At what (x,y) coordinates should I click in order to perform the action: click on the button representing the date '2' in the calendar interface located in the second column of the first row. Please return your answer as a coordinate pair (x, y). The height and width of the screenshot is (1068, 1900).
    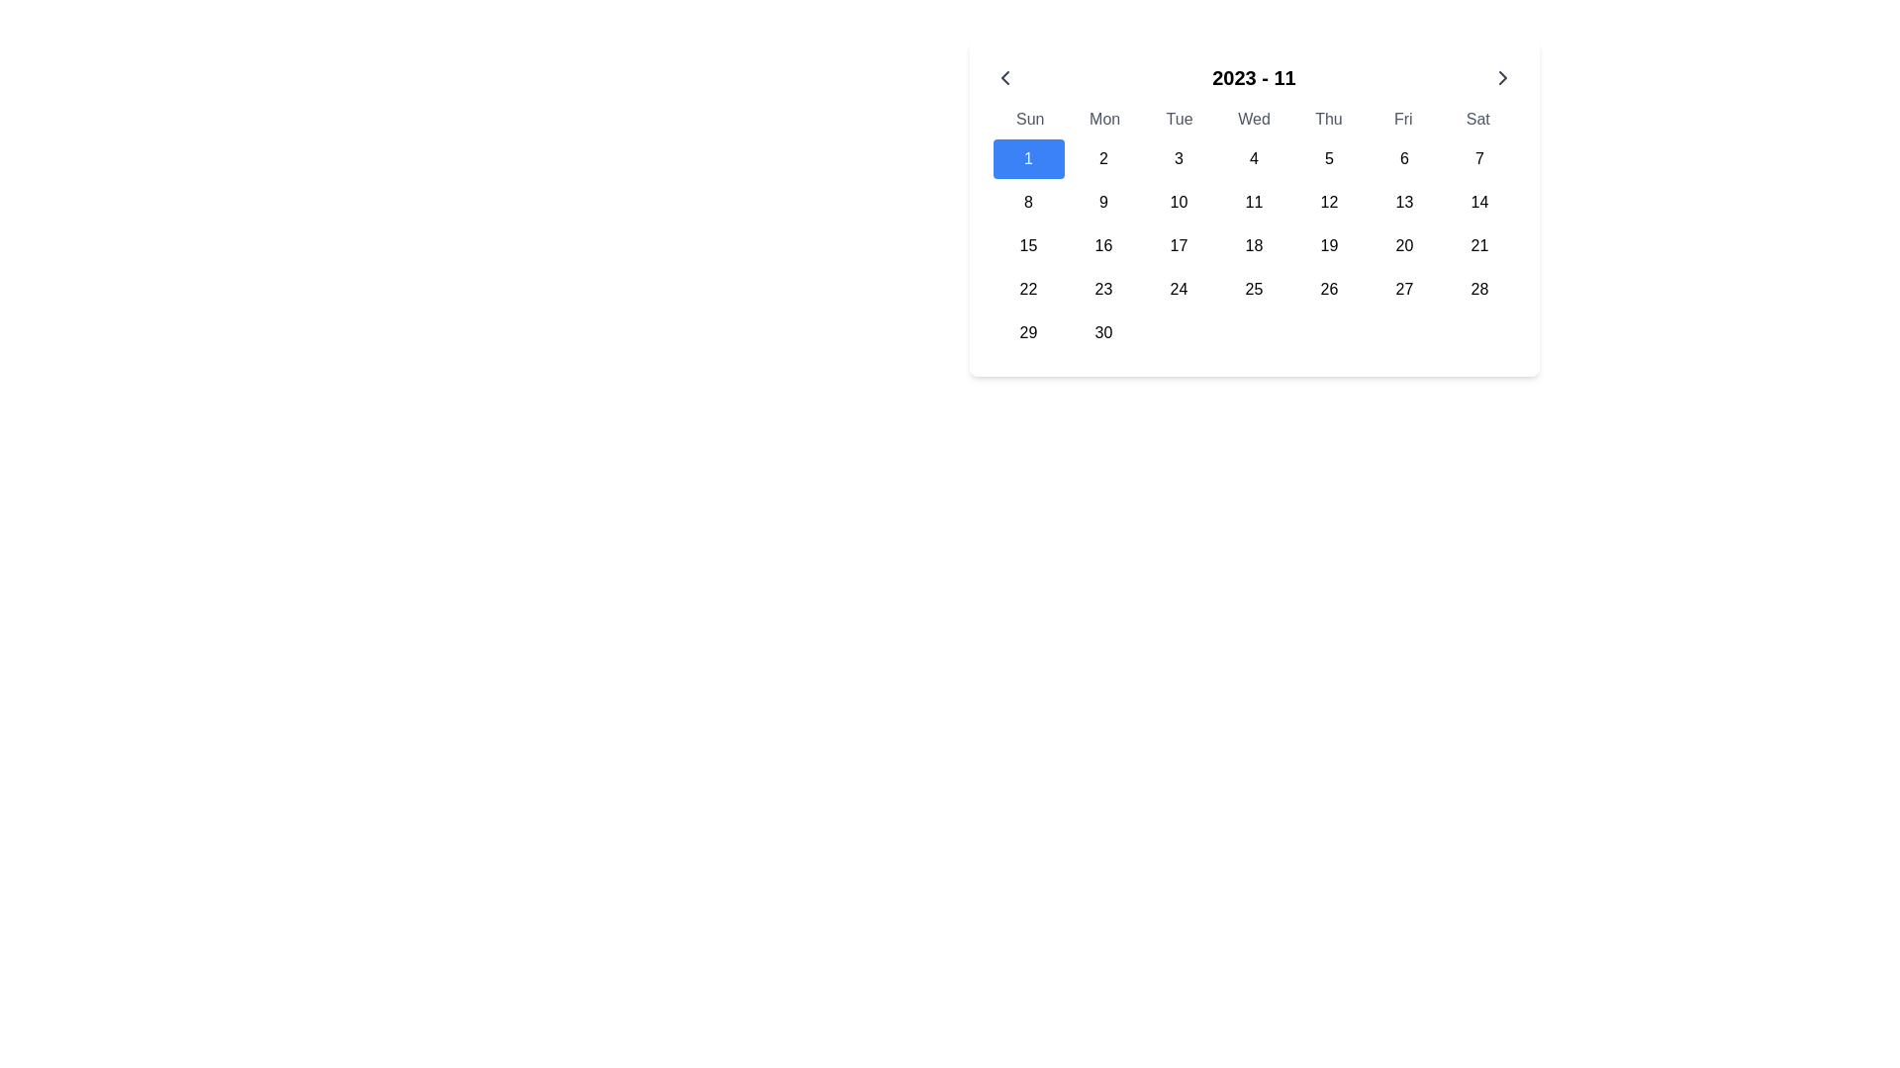
    Looking at the image, I should click on (1102, 158).